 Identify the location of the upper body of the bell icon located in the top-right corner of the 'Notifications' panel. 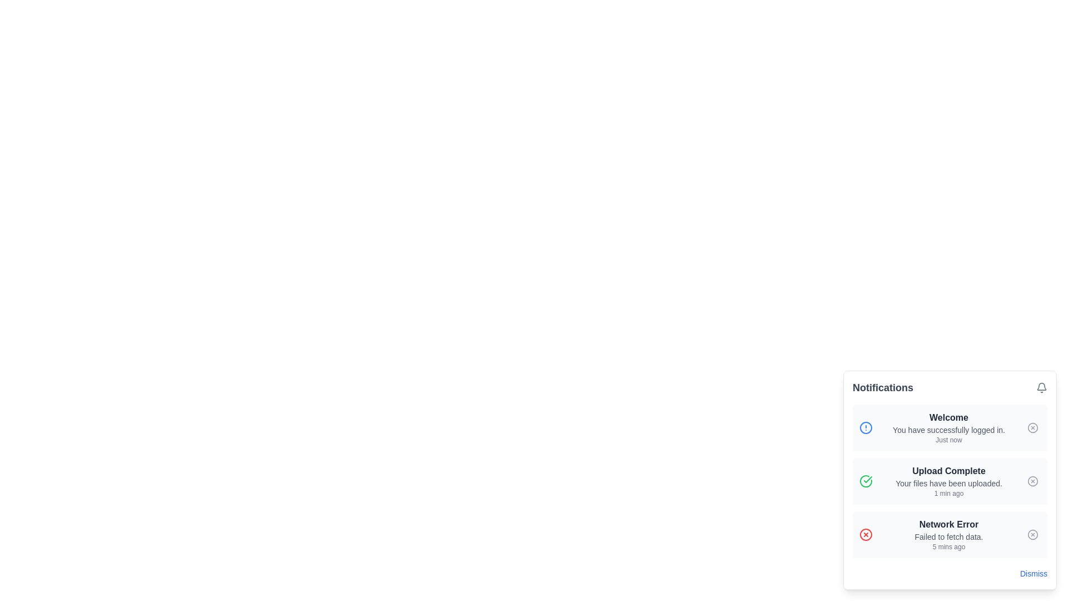
(1041, 386).